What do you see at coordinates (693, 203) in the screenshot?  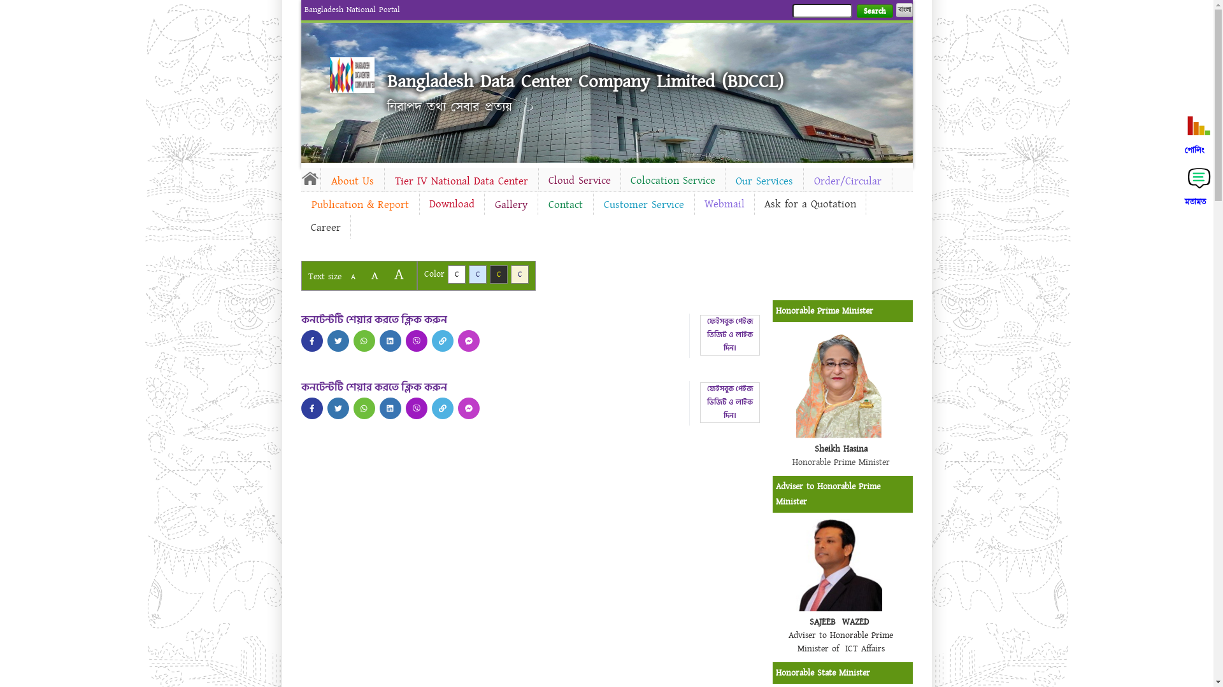 I see `'Webmail'` at bounding box center [693, 203].